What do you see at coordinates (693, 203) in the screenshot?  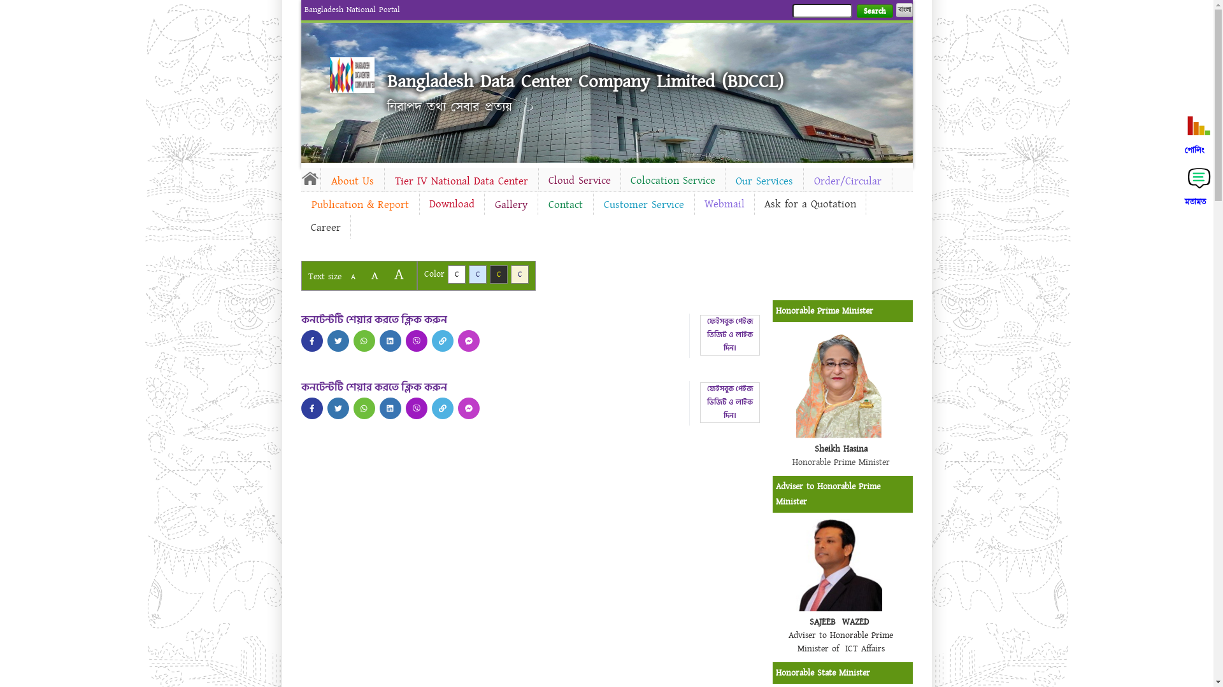 I see `'Webmail'` at bounding box center [693, 203].